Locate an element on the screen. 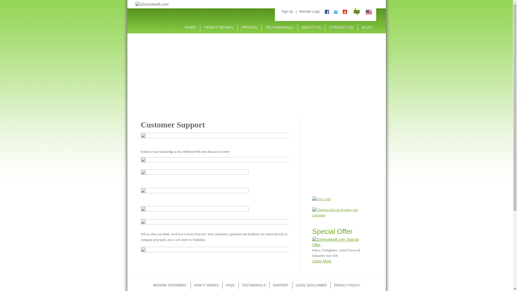  'TESTIMONIALS' is located at coordinates (280, 27).